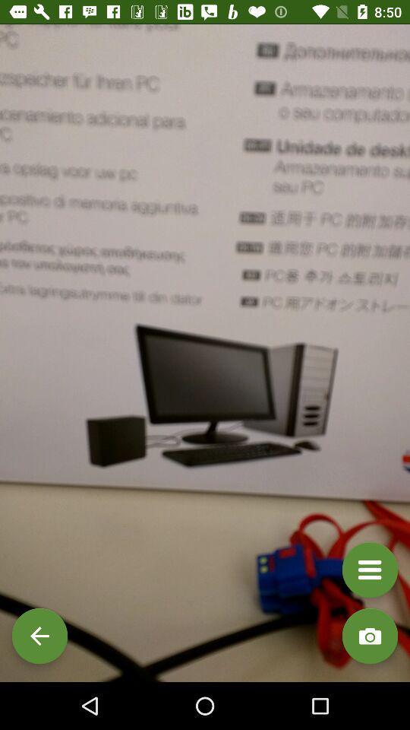 The image size is (410, 730). I want to click on the arrow_backward icon, so click(39, 636).